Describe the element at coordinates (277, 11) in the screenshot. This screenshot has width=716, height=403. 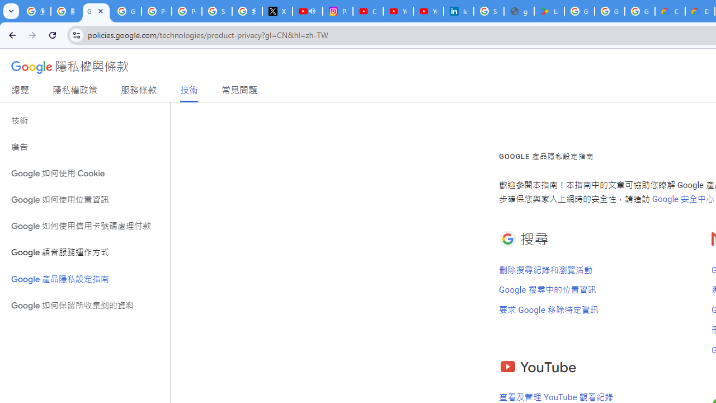
I see `'X'` at that location.